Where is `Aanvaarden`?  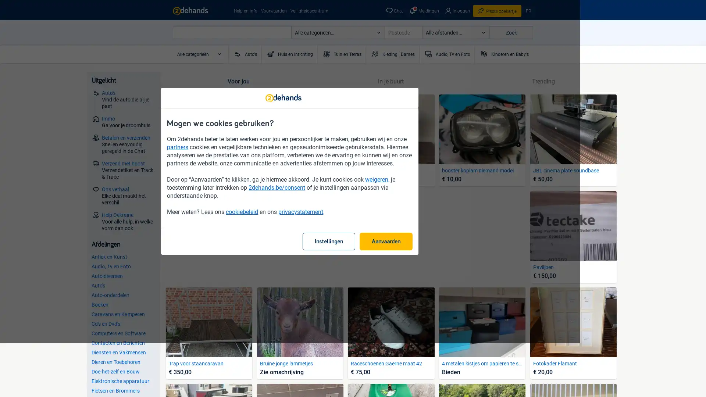 Aanvaarden is located at coordinates (449, 269).